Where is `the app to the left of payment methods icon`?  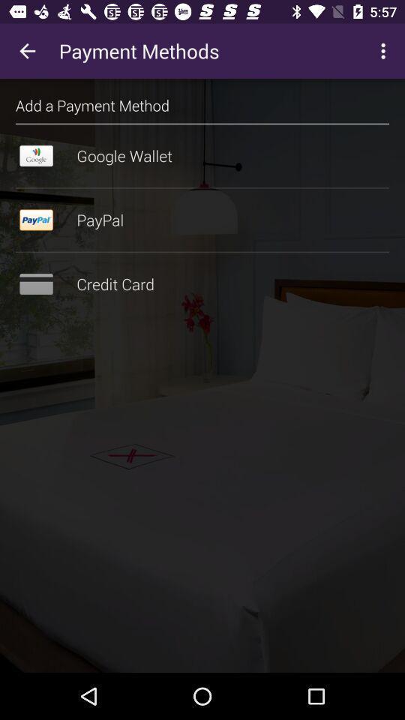 the app to the left of payment methods icon is located at coordinates (27, 51).